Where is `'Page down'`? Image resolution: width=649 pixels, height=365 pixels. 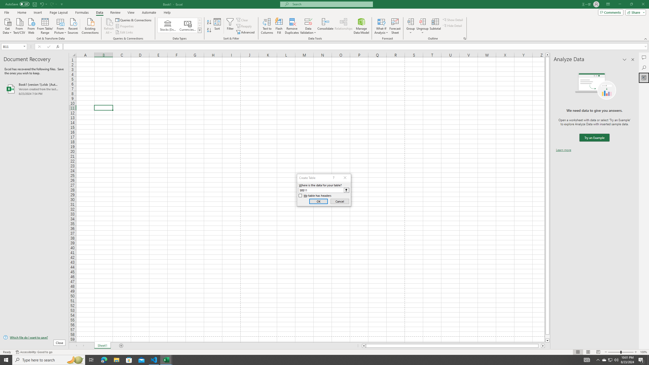
'Page down' is located at coordinates (547, 337).